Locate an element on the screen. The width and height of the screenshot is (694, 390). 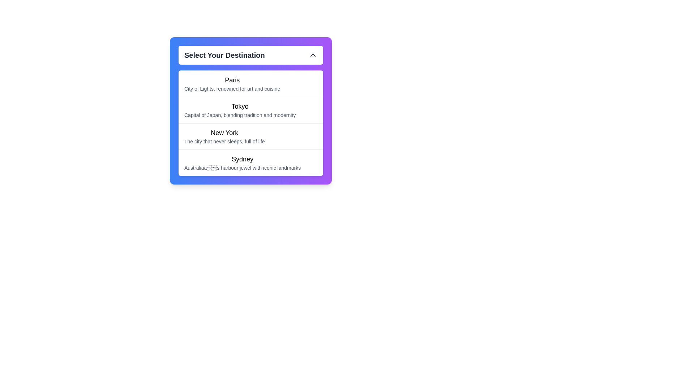
the List item displaying 'New York' with a description 'The city that never sleeps, full of life' is located at coordinates (224, 136).